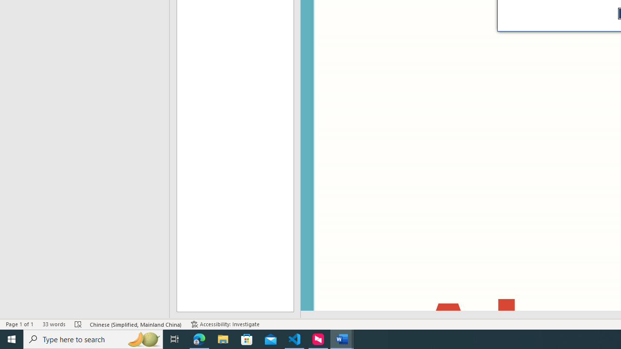 The width and height of the screenshot is (621, 349). What do you see at coordinates (78, 324) in the screenshot?
I see `'Spelling and Grammar Check Errors'` at bounding box center [78, 324].